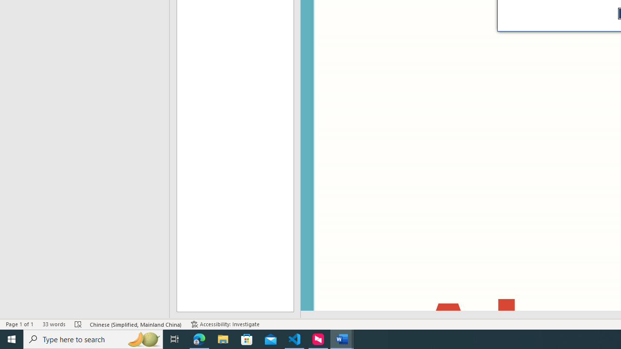 The width and height of the screenshot is (621, 349). What do you see at coordinates (78, 324) in the screenshot?
I see `'Spelling and Grammar Check Errors'` at bounding box center [78, 324].